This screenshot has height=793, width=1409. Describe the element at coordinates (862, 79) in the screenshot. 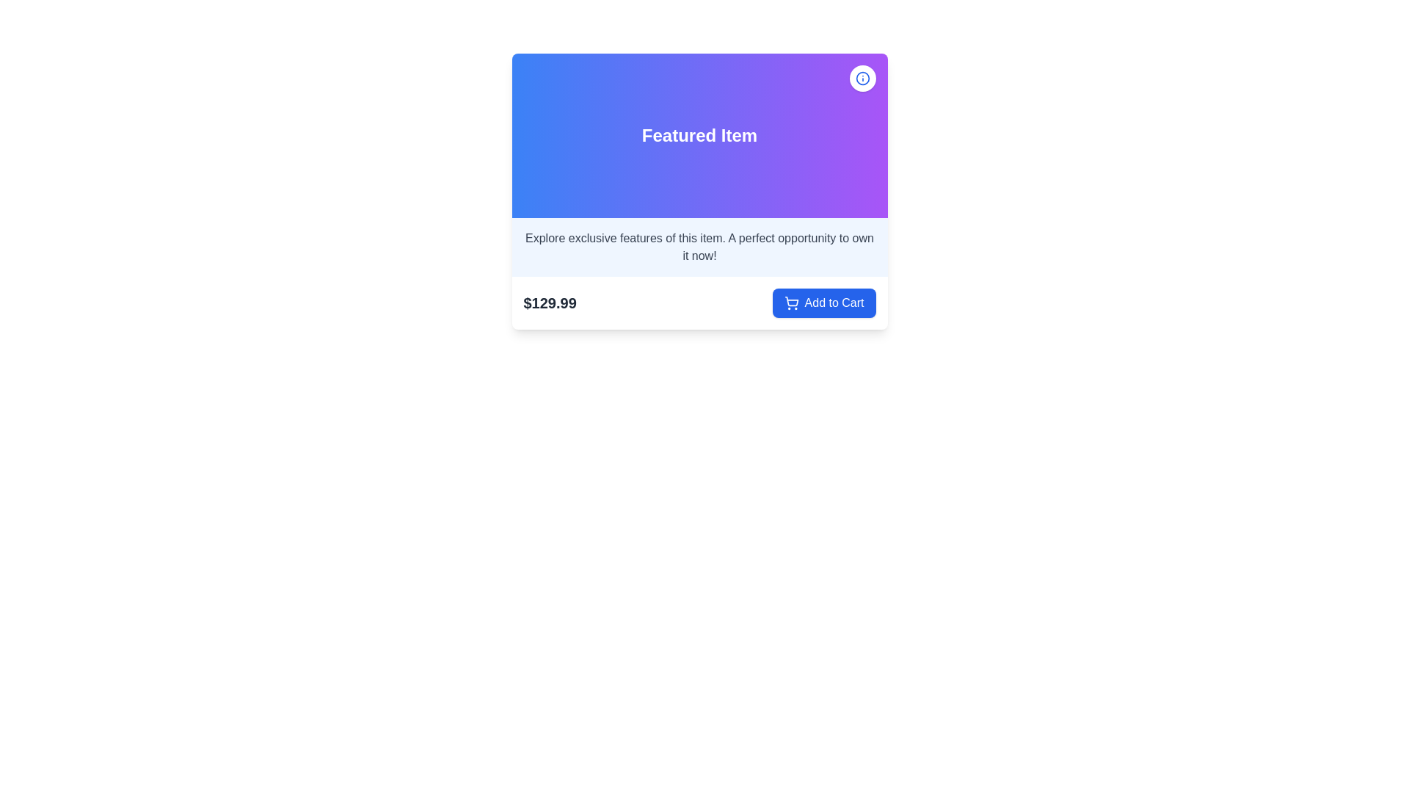

I see `the information icon button located in the top-right corner of the card component` at that location.